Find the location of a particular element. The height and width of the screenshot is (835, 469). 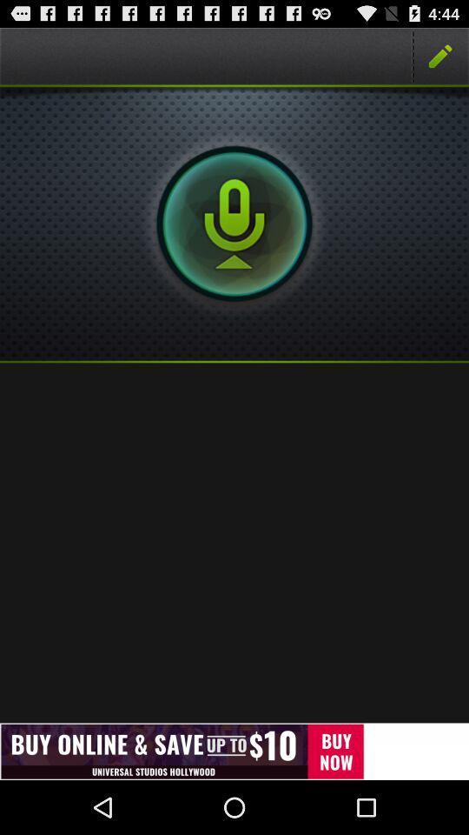

start record is located at coordinates (234, 223).